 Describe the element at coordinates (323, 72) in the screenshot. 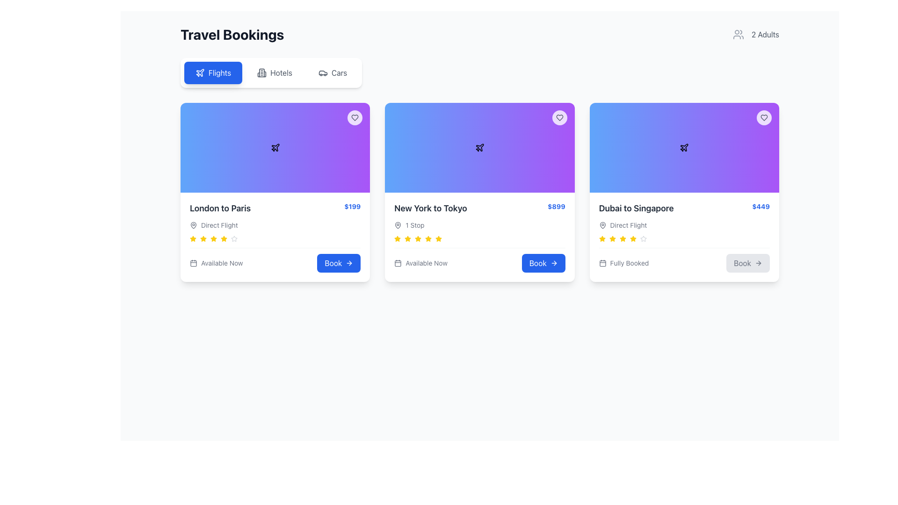

I see `the car icon in the 'Cars' menu option, which is styled with clean outlines and has a text label 'Cars' adjacent to it` at that location.